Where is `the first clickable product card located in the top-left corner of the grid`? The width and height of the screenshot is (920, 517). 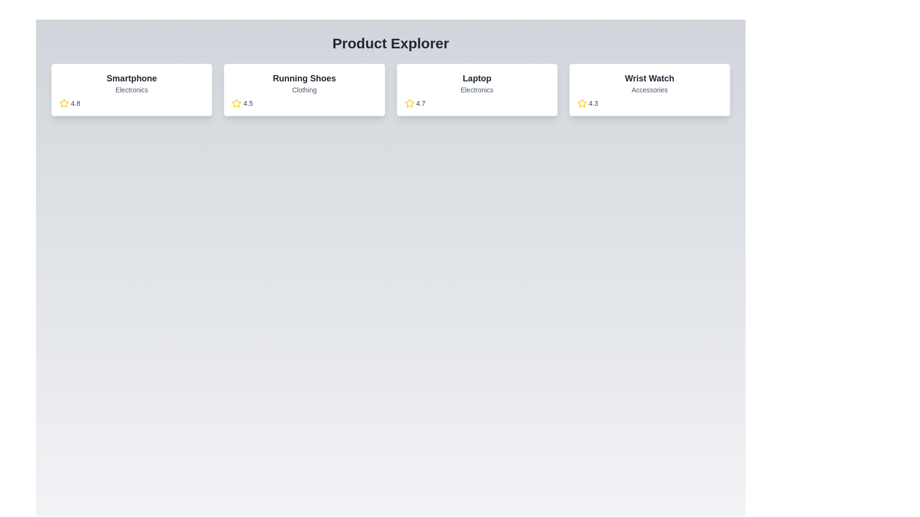
the first clickable product card located in the top-left corner of the grid is located at coordinates (131, 90).